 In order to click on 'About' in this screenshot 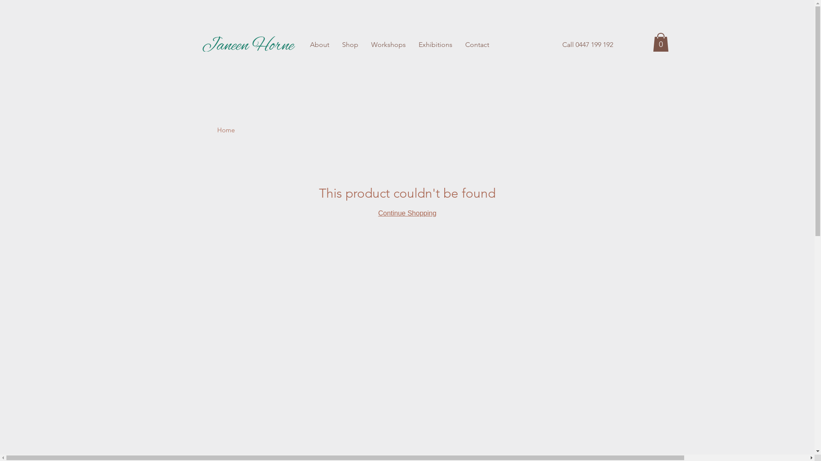, I will do `click(319, 44)`.